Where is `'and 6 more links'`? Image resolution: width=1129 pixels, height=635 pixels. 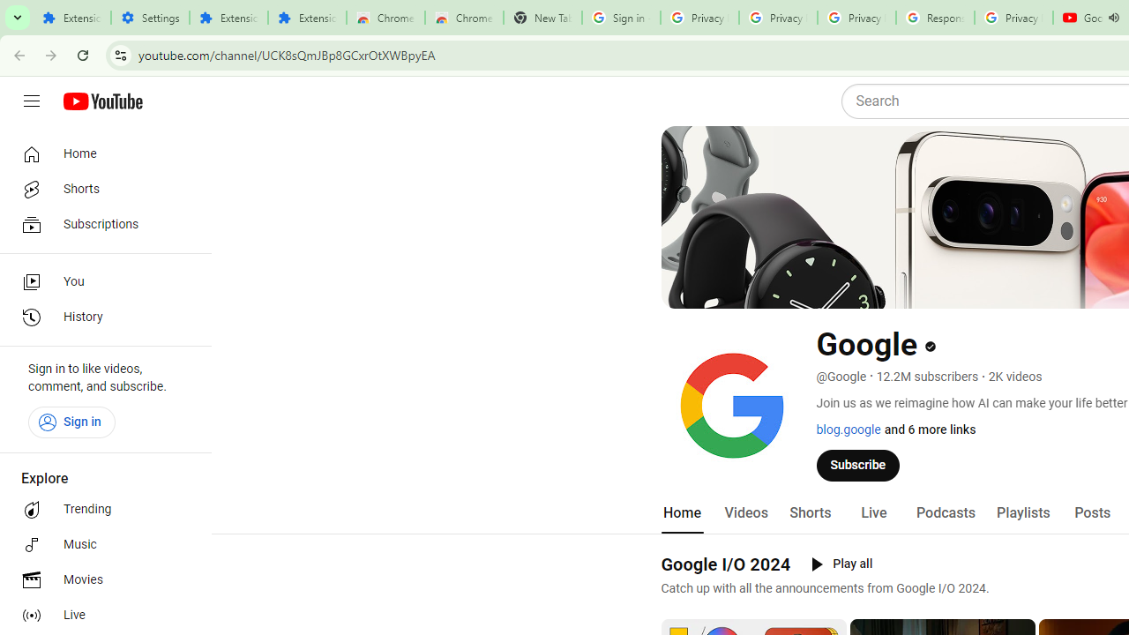 'and 6 more links' is located at coordinates (929, 430).